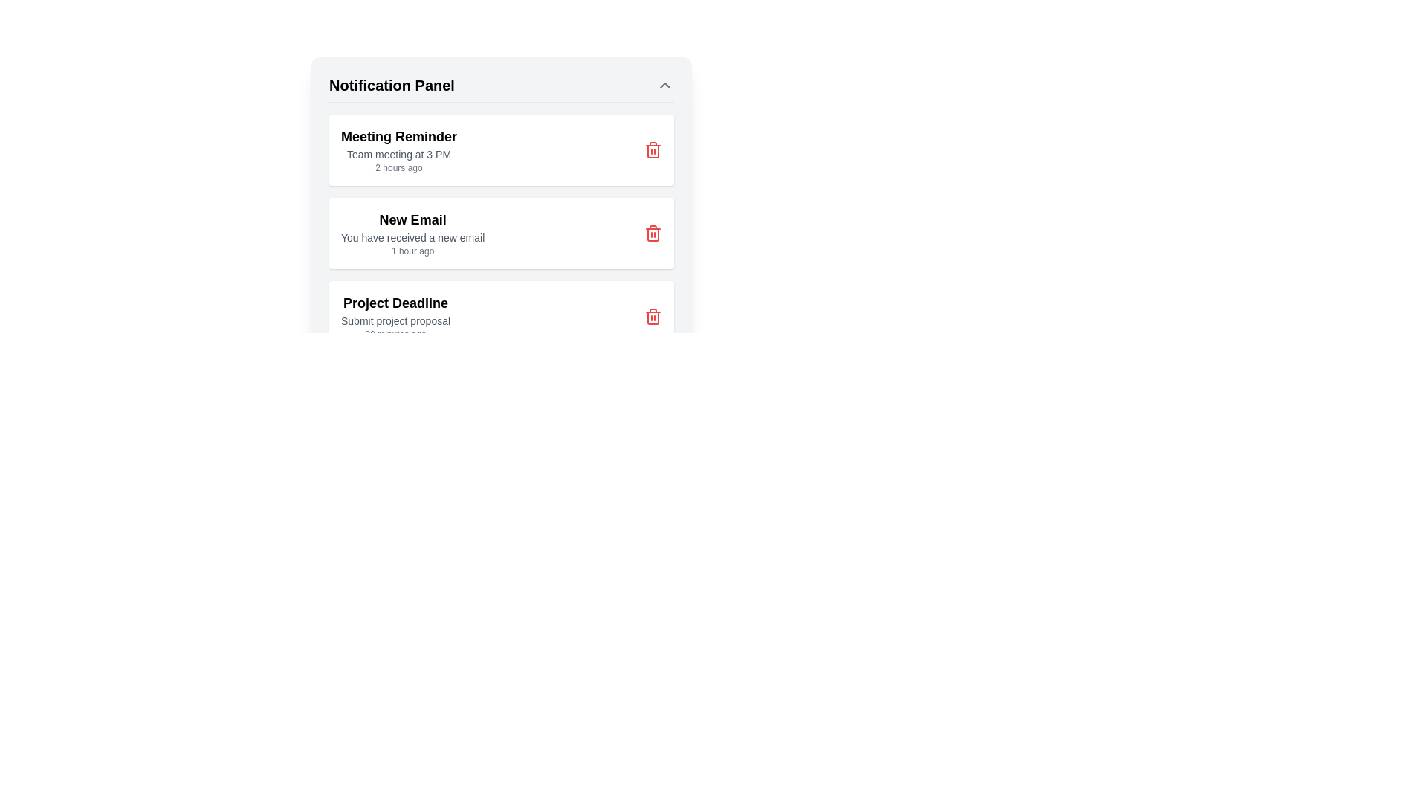 This screenshot has width=1427, height=803. I want to click on the text label displaying 'You have received a new email', which is positioned below the title 'New Email' in the Notification Panel, so click(412, 237).